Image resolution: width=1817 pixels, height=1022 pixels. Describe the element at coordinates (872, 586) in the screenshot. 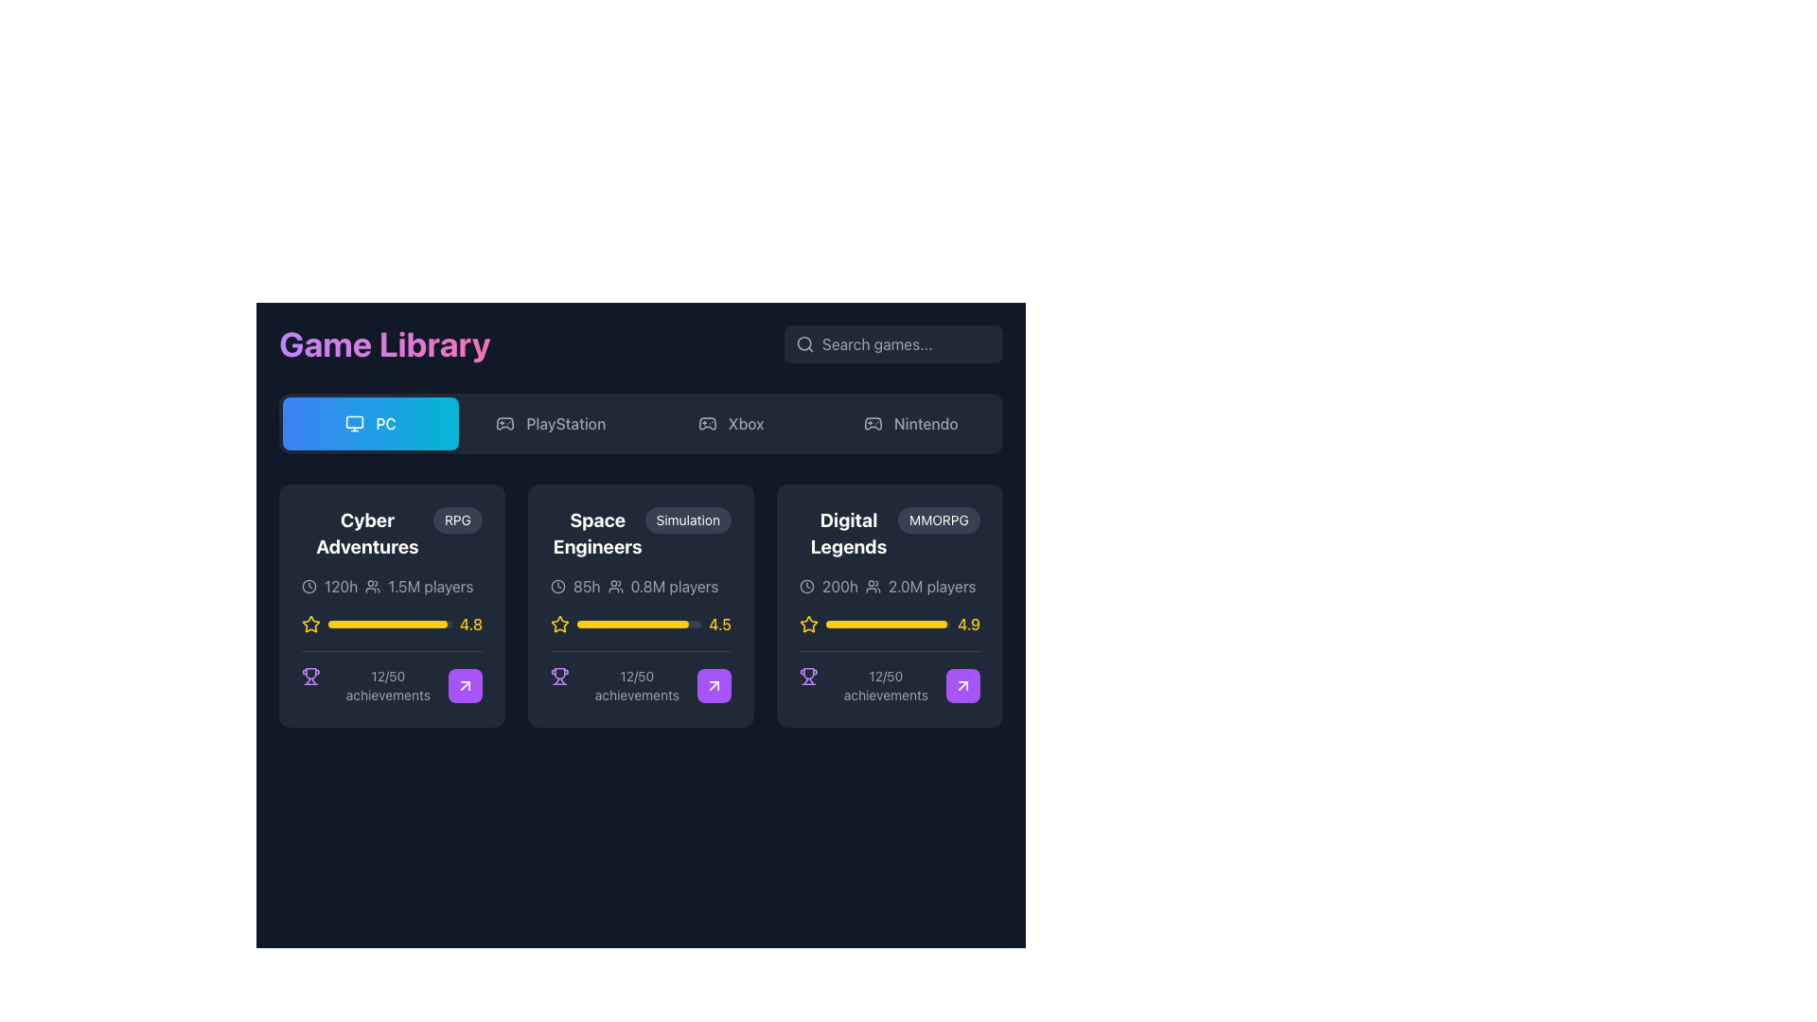

I see `the user icon, which is located within the 'Digital Legends' card section, next to the '2.0M players' text and is styled in light gray with a rounded appearance` at that location.